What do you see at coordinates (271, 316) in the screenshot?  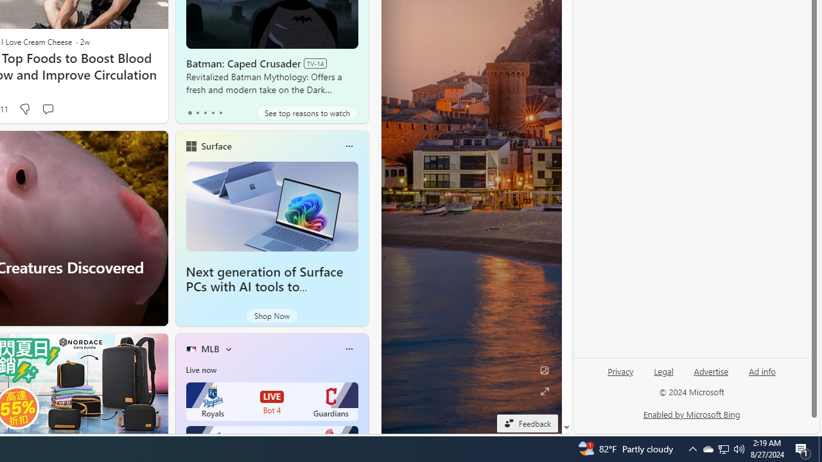 I see `'Shop Now'` at bounding box center [271, 316].